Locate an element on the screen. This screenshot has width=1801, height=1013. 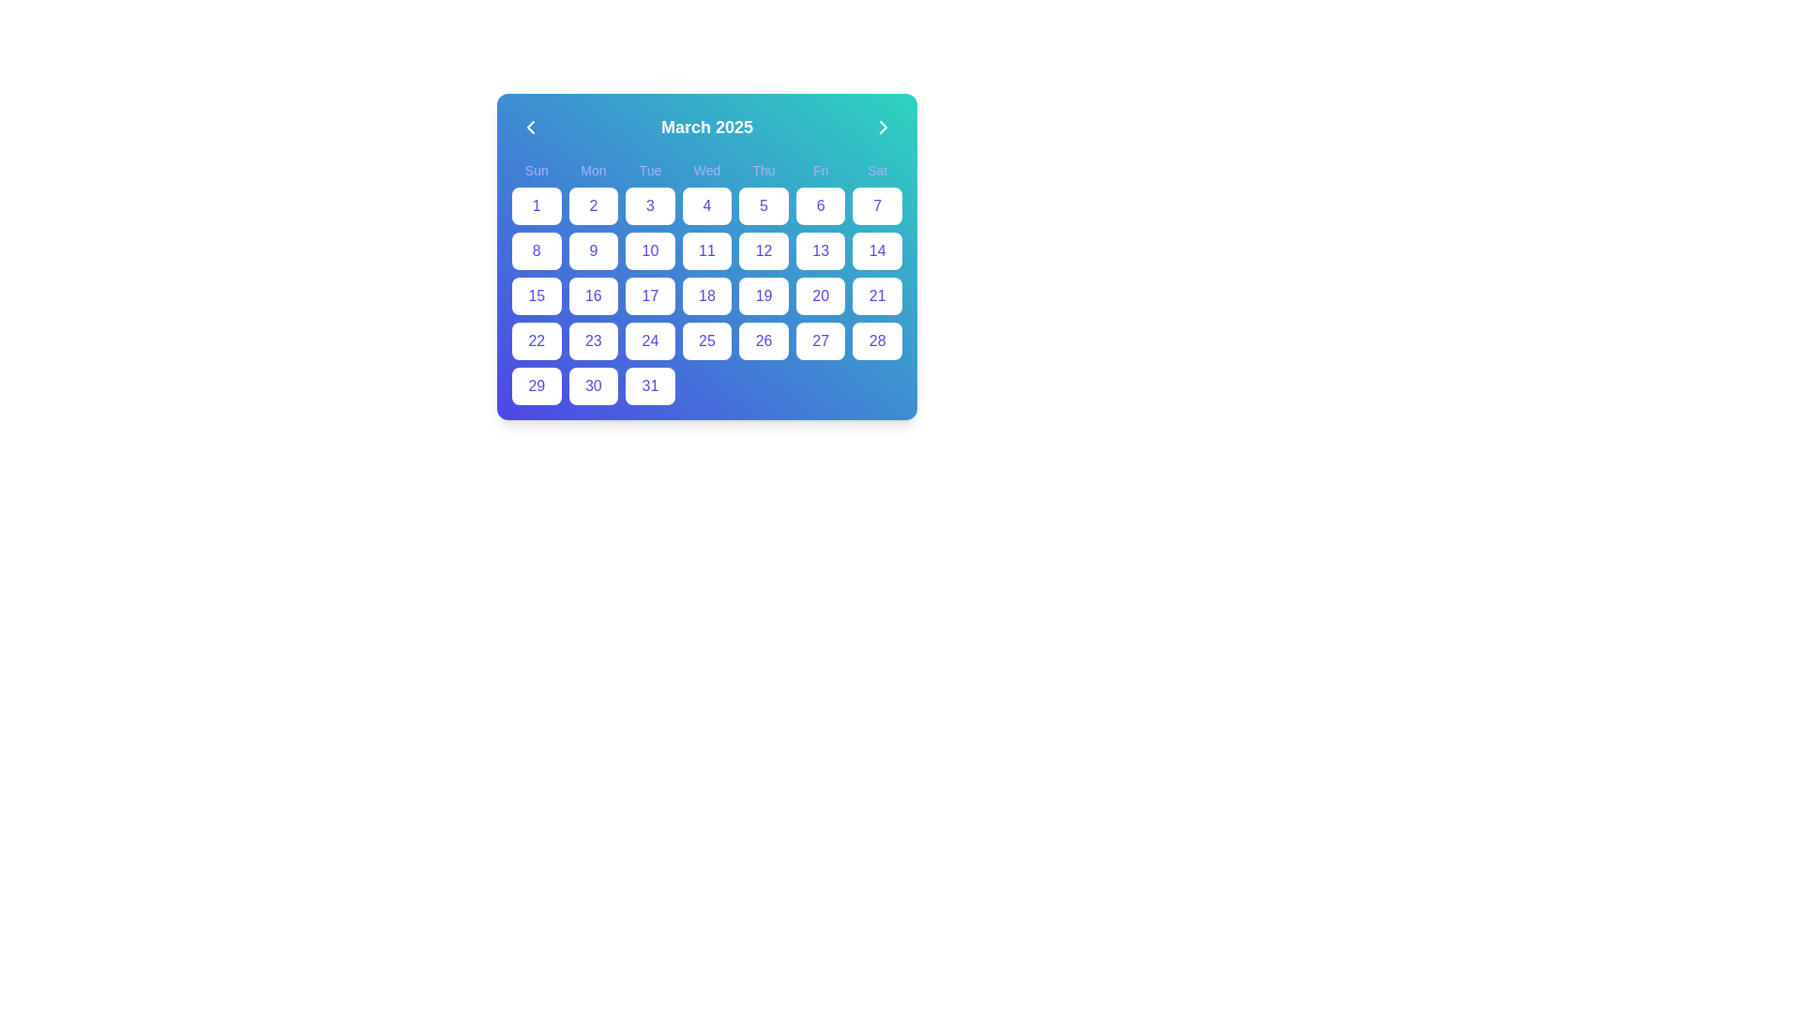
the calendar day button labeled '26' with a white background and blue text is located at coordinates (764, 340).